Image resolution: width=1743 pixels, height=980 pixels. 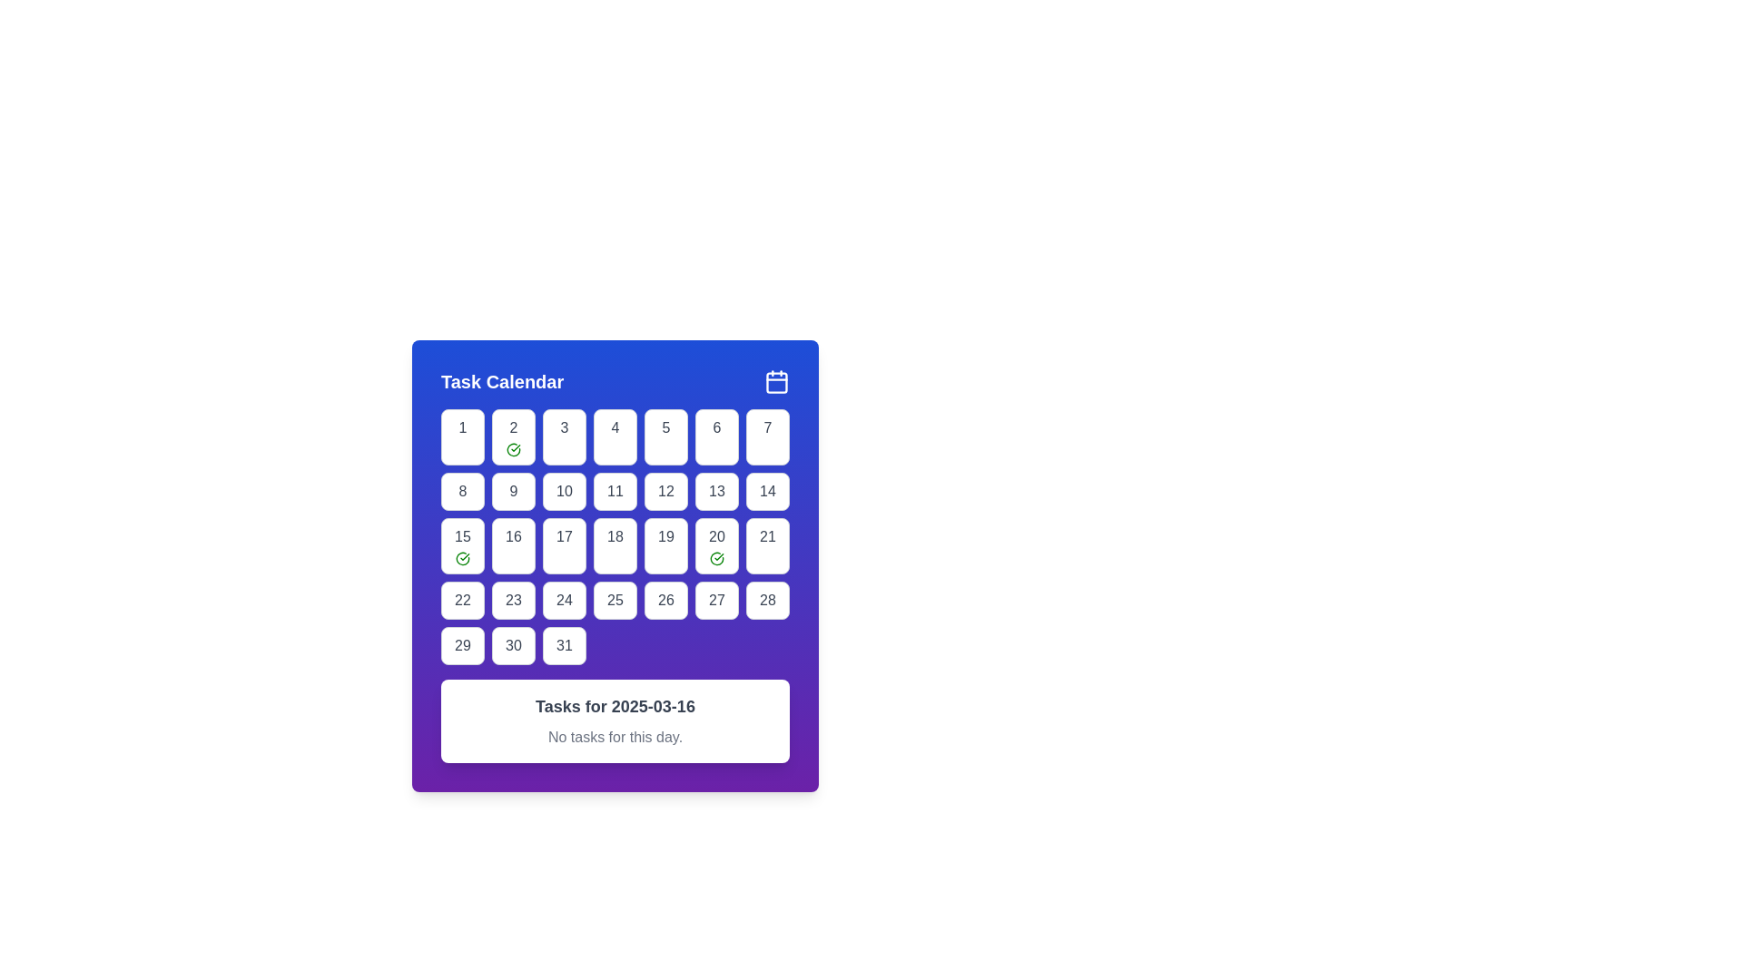 What do you see at coordinates (462, 492) in the screenshot?
I see `the Calendar date cell displaying the number '8'` at bounding box center [462, 492].